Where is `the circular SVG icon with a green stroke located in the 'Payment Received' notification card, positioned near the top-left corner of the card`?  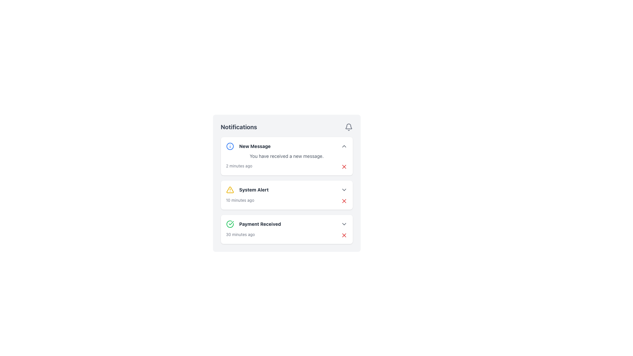
the circular SVG icon with a green stroke located in the 'Payment Received' notification card, positioned near the top-left corner of the card is located at coordinates (230, 223).